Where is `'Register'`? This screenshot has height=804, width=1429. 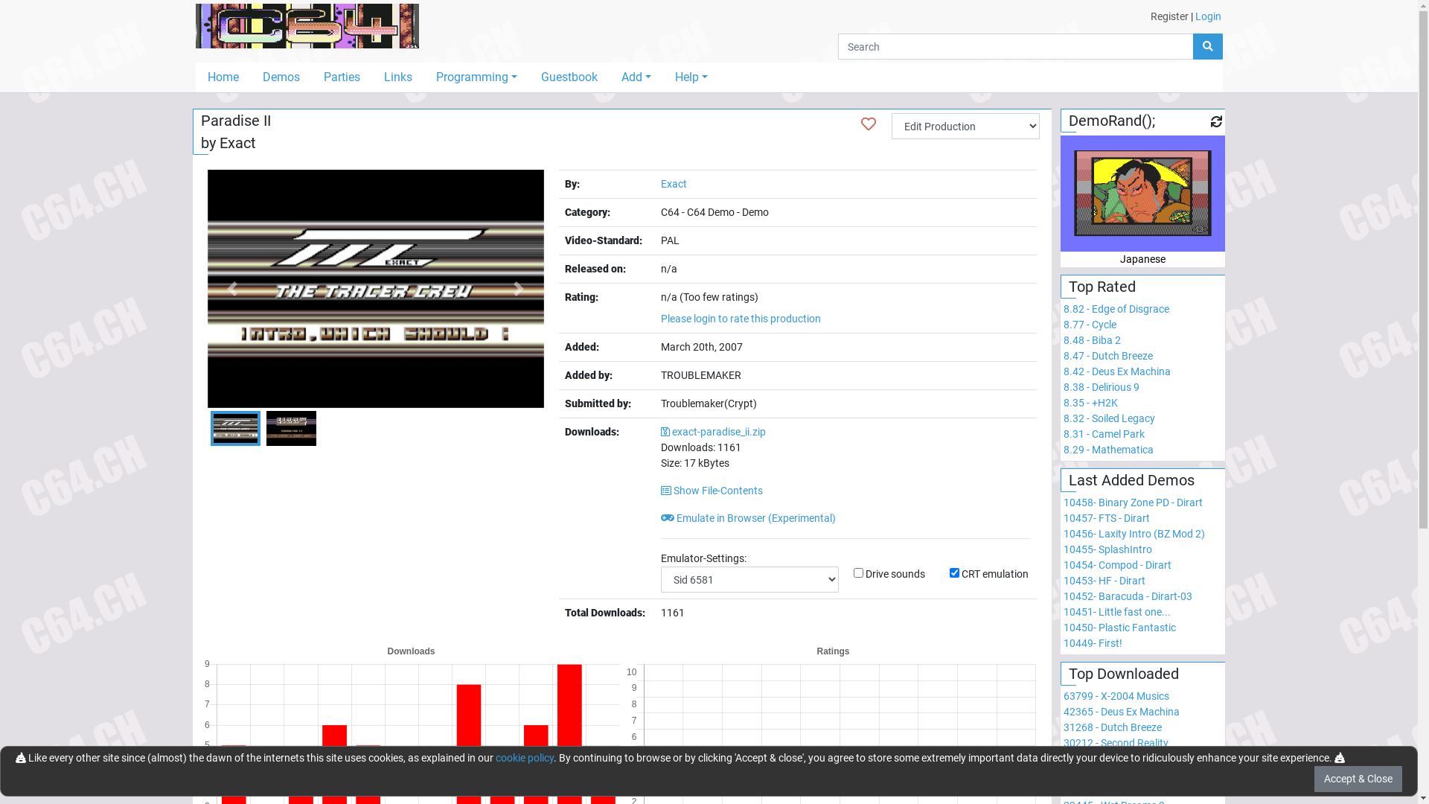
'Register' is located at coordinates (1169, 16).